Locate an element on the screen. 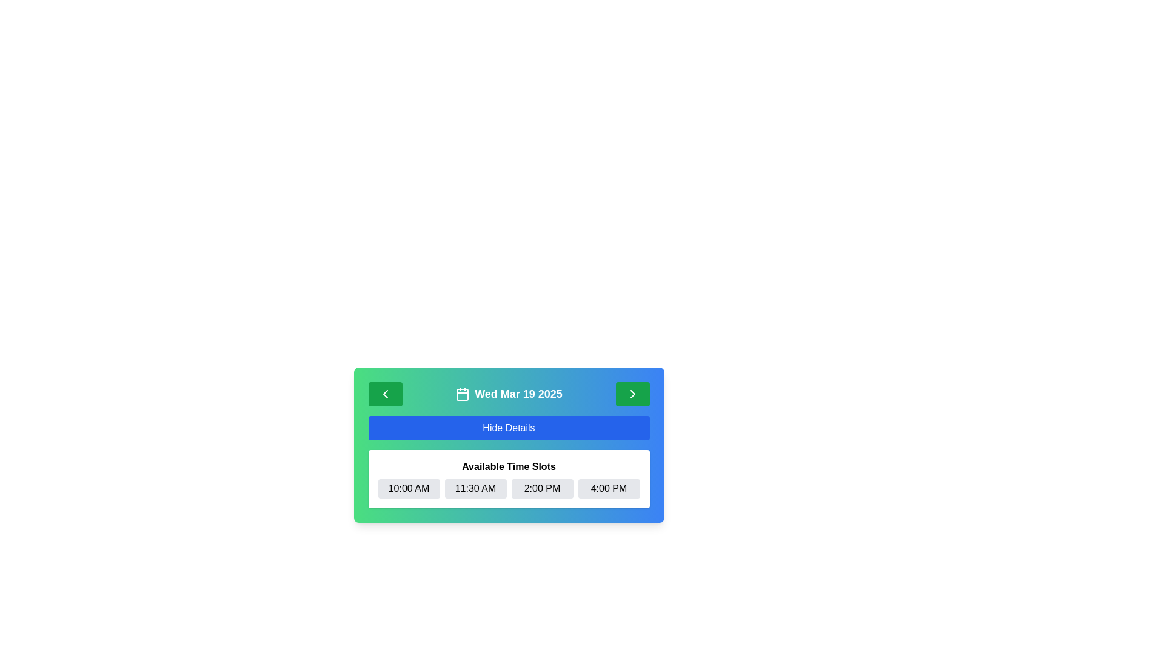 This screenshot has height=655, width=1164. the blue 'Hide Details' button with white text is located at coordinates (509, 427).